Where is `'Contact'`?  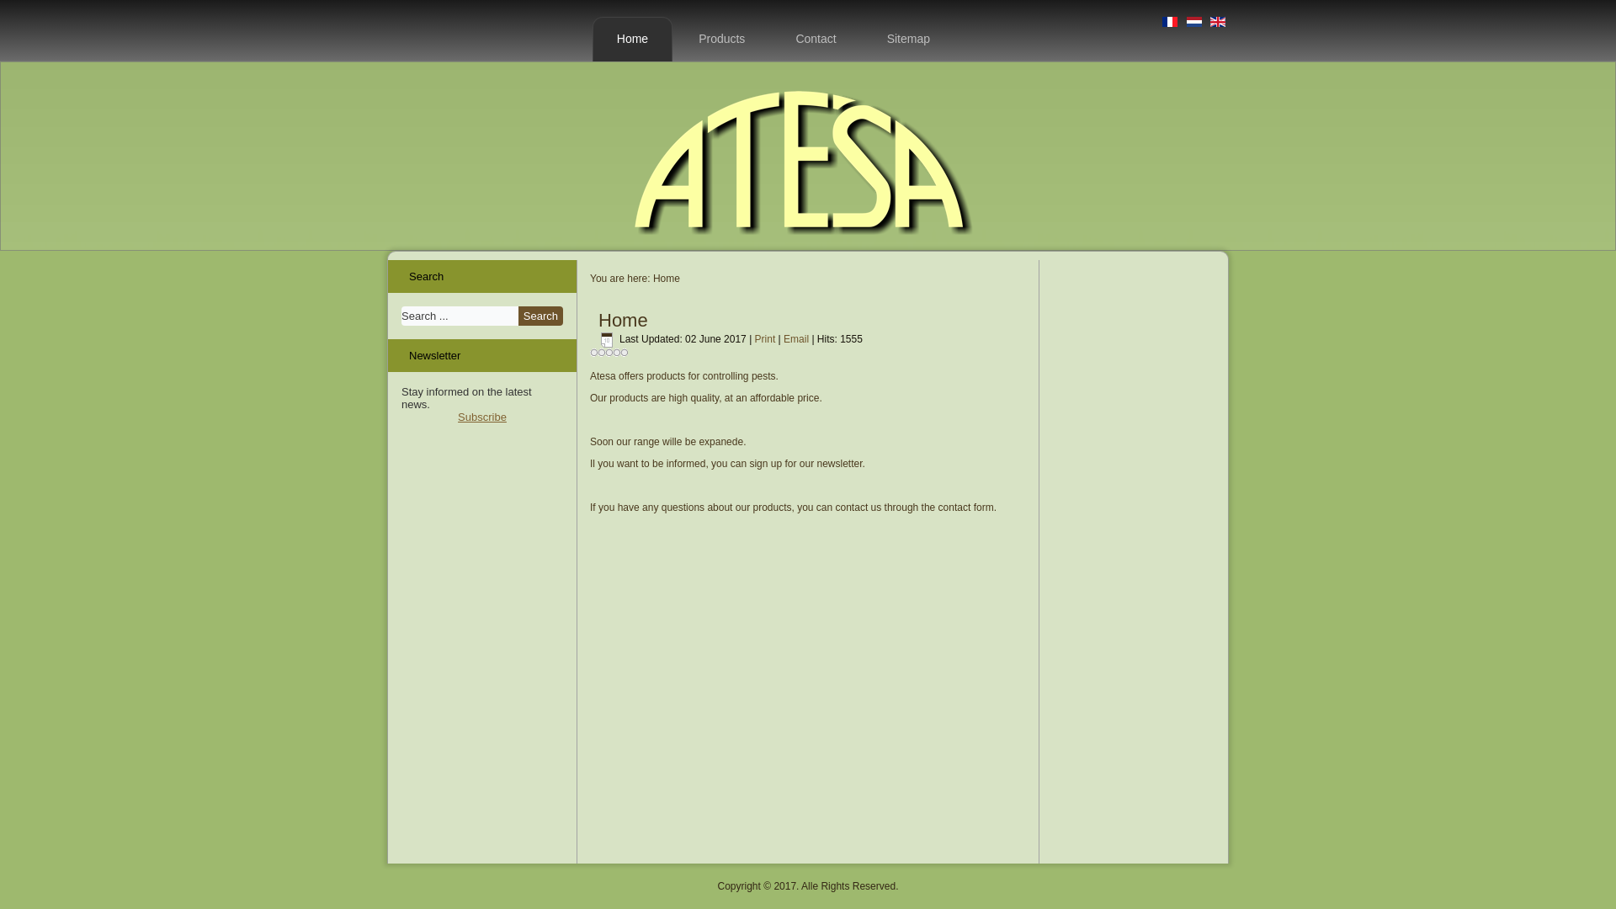 'Contact' is located at coordinates (816, 38).